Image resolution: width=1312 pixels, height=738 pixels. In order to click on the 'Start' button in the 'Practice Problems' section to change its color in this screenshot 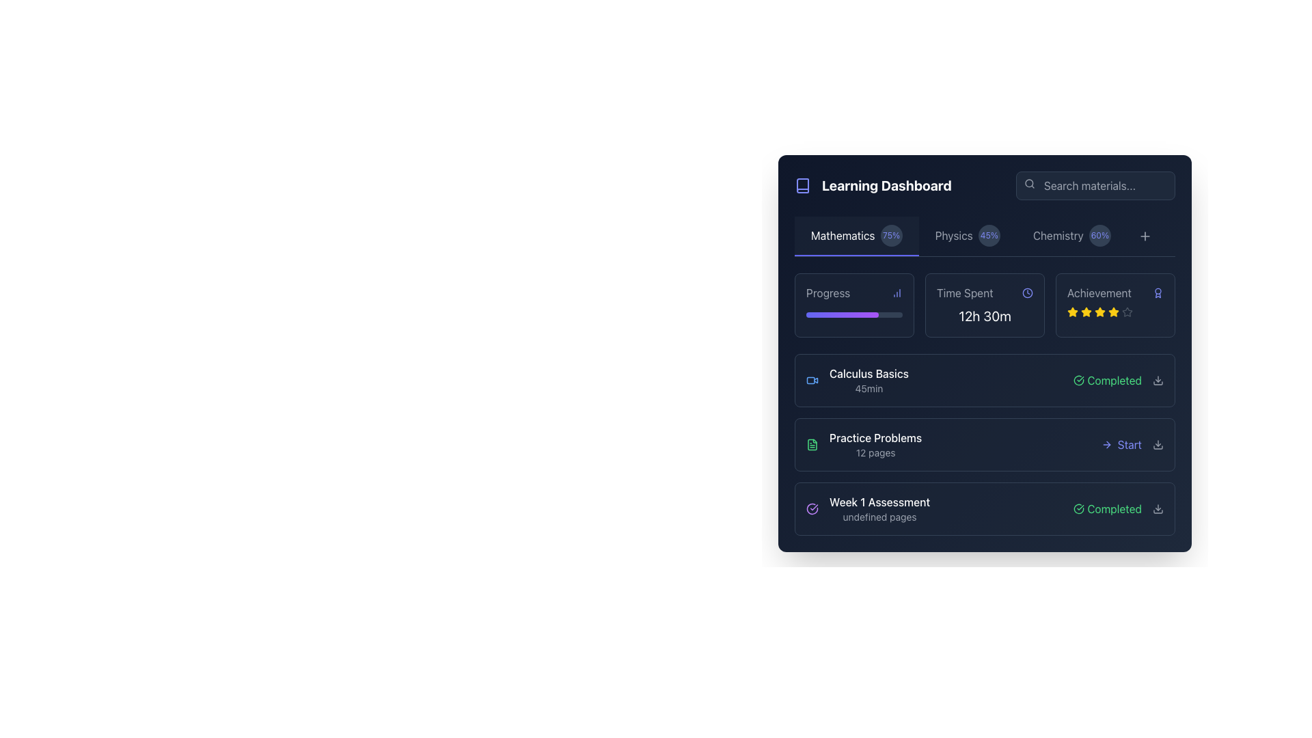, I will do `click(1132, 445)`.